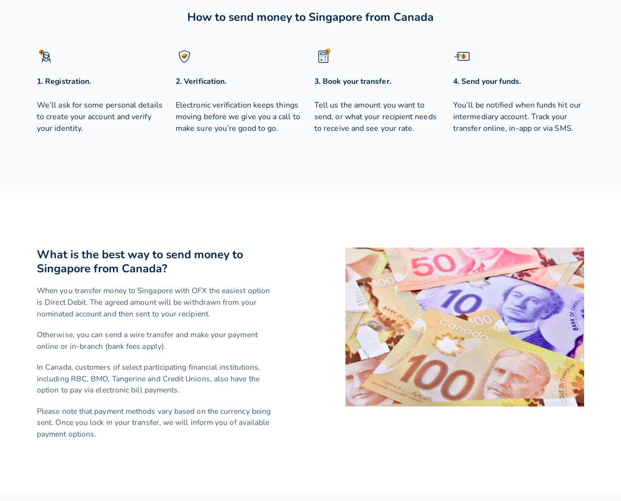 The image size is (621, 501). I want to click on 'See full list of currencies', so click(82, 364).